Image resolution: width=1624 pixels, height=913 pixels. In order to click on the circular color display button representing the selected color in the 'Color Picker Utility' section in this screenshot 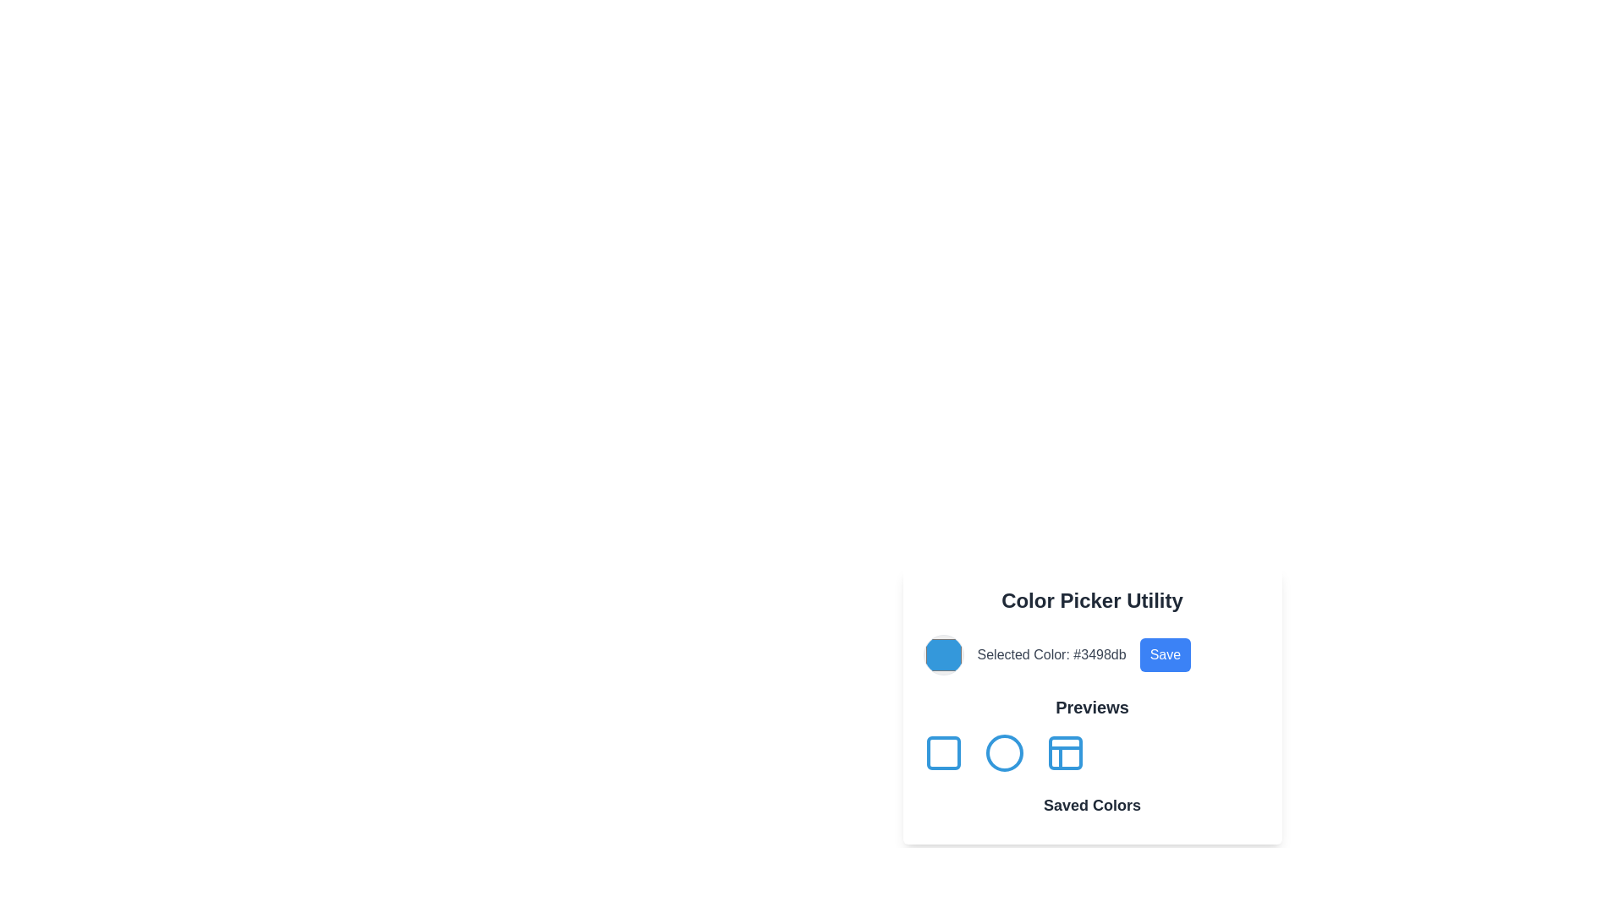, I will do `click(942, 654)`.